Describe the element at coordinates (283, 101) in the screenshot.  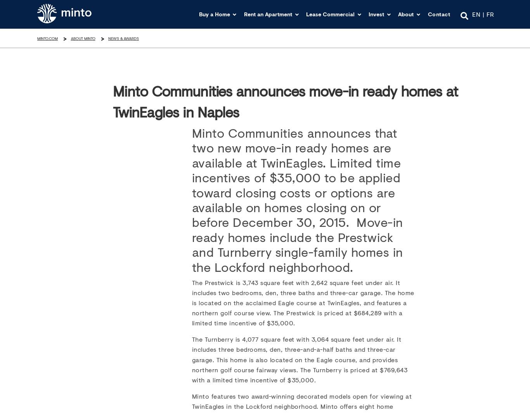
I see `'Book a Furnished Suite'` at that location.